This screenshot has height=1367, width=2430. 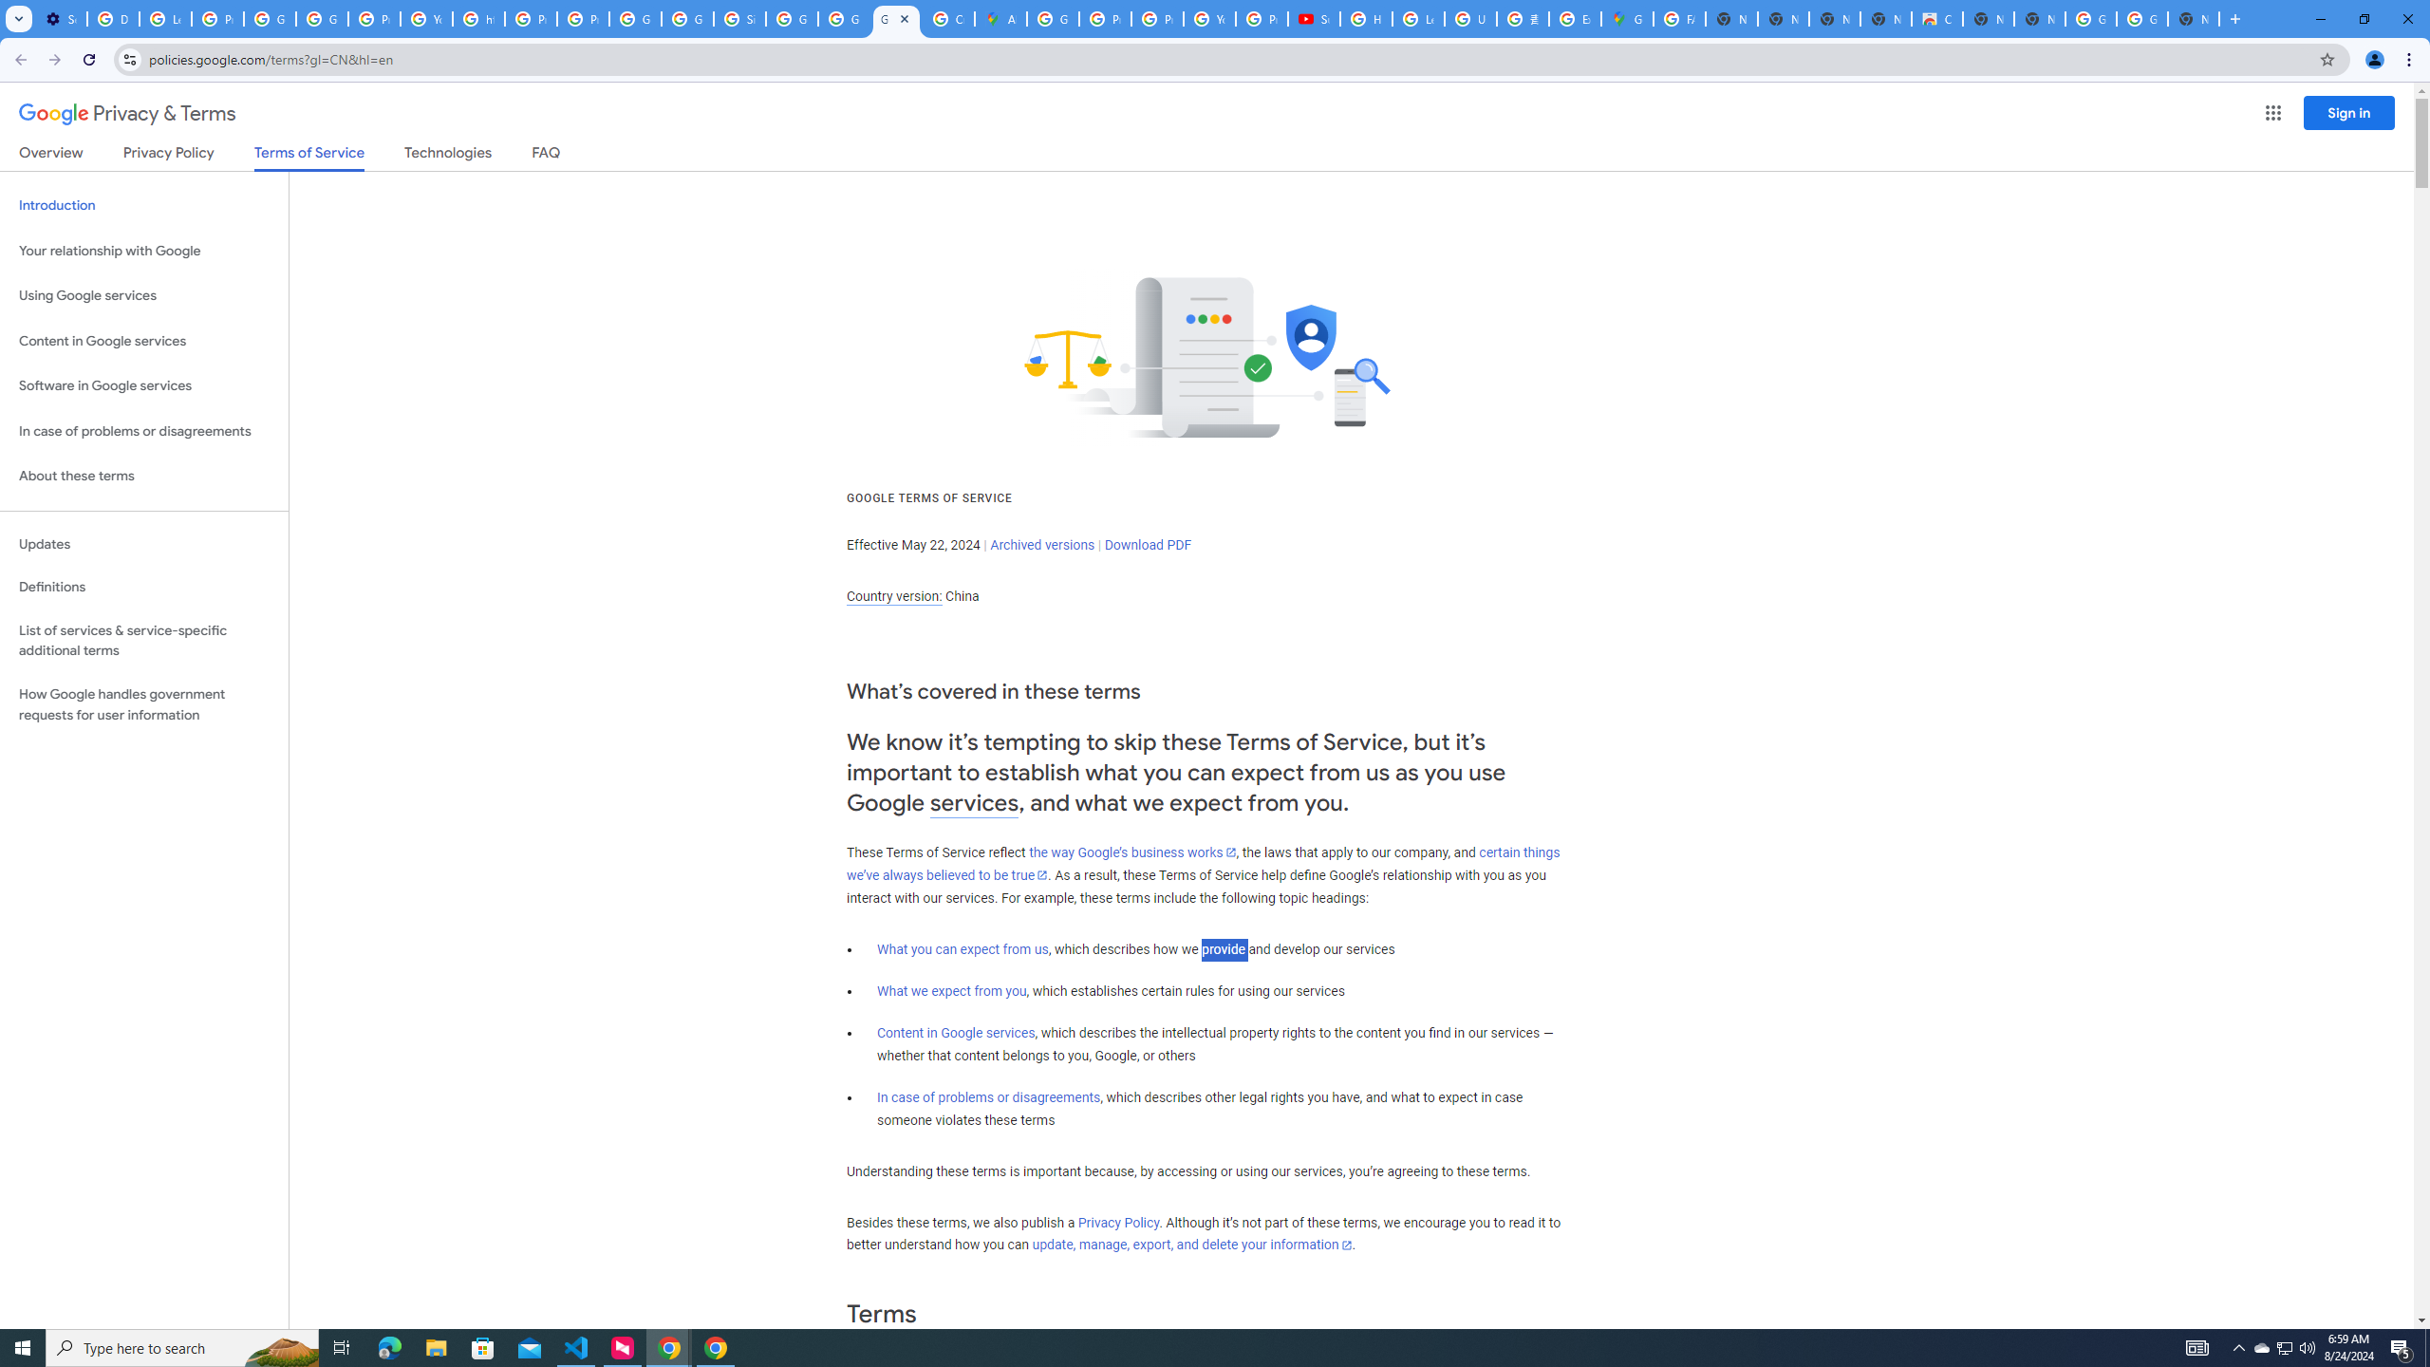 What do you see at coordinates (478, 18) in the screenshot?
I see `'https://scholar.google.com/'` at bounding box center [478, 18].